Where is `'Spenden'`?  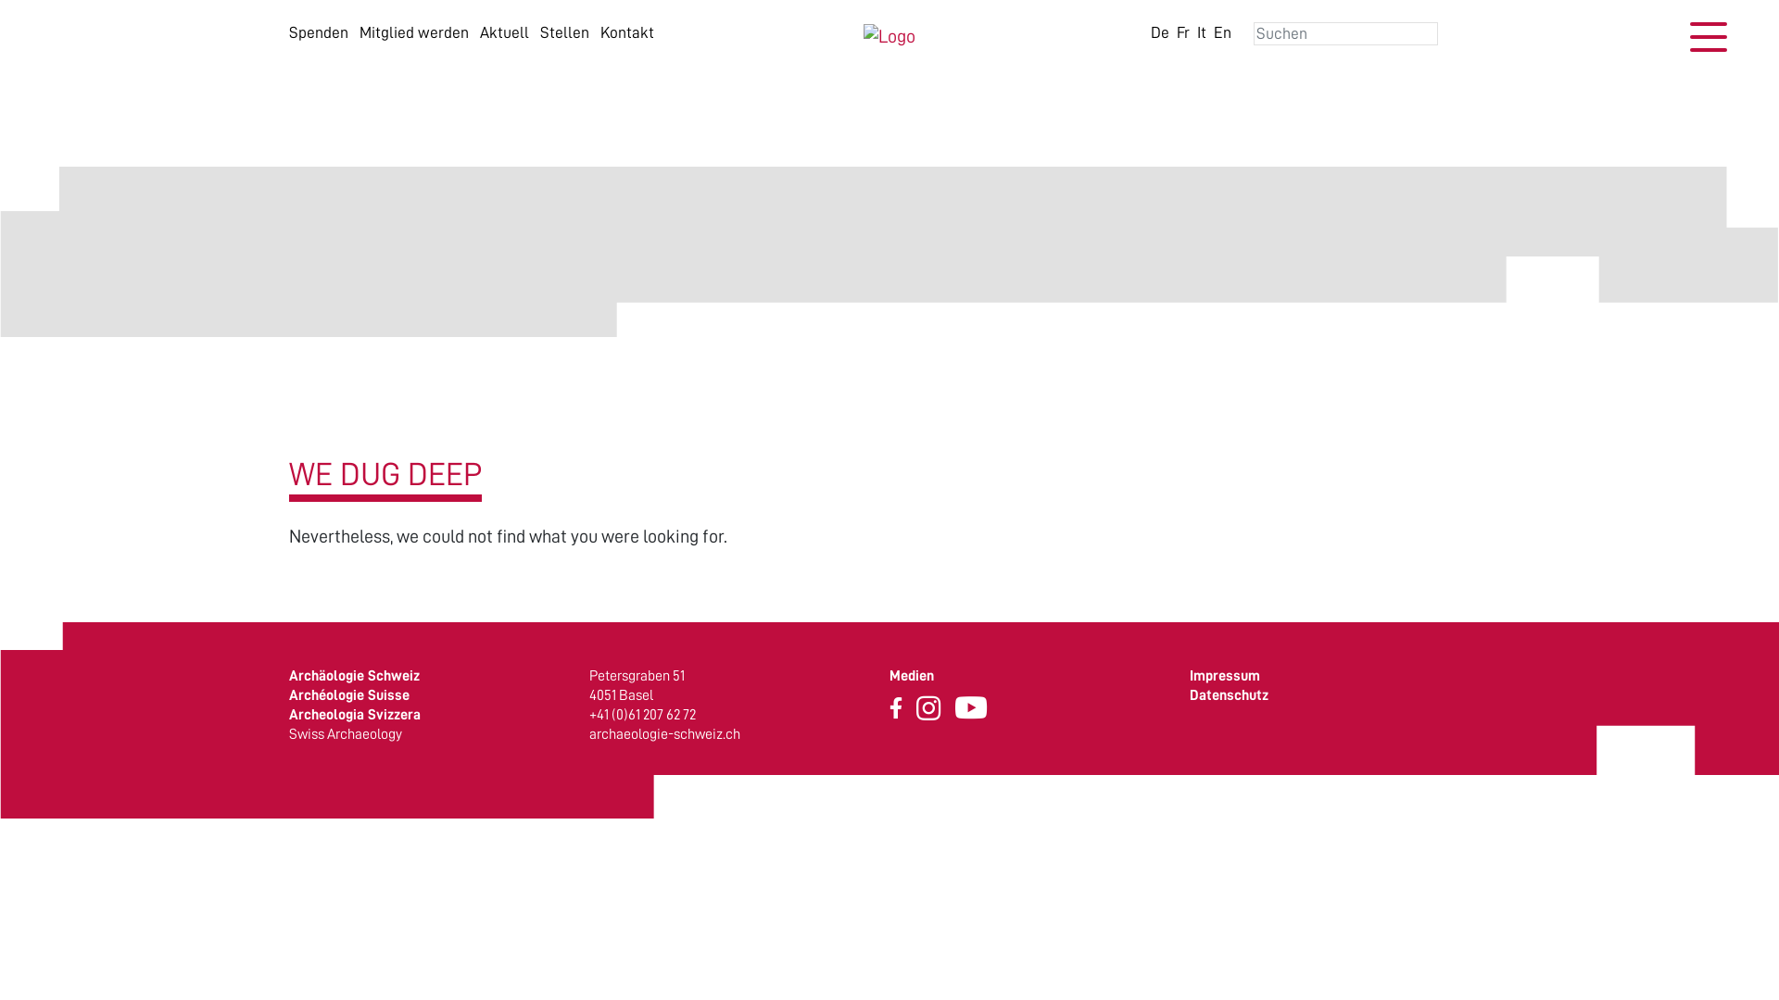
'Spenden' is located at coordinates (319, 31).